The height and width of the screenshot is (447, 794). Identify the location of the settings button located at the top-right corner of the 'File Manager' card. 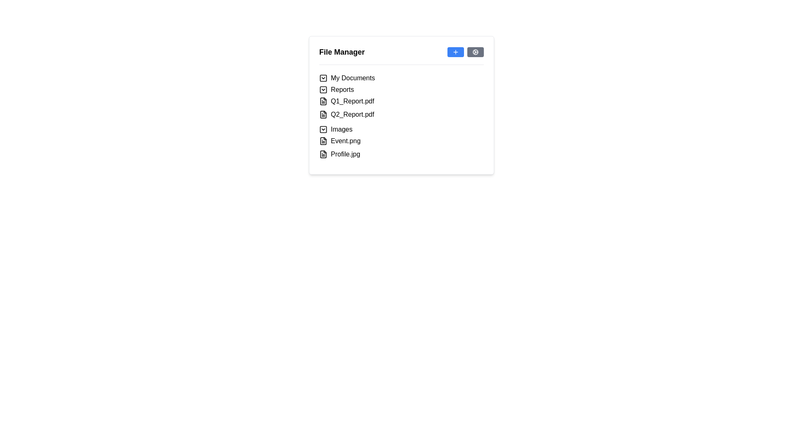
(476, 52).